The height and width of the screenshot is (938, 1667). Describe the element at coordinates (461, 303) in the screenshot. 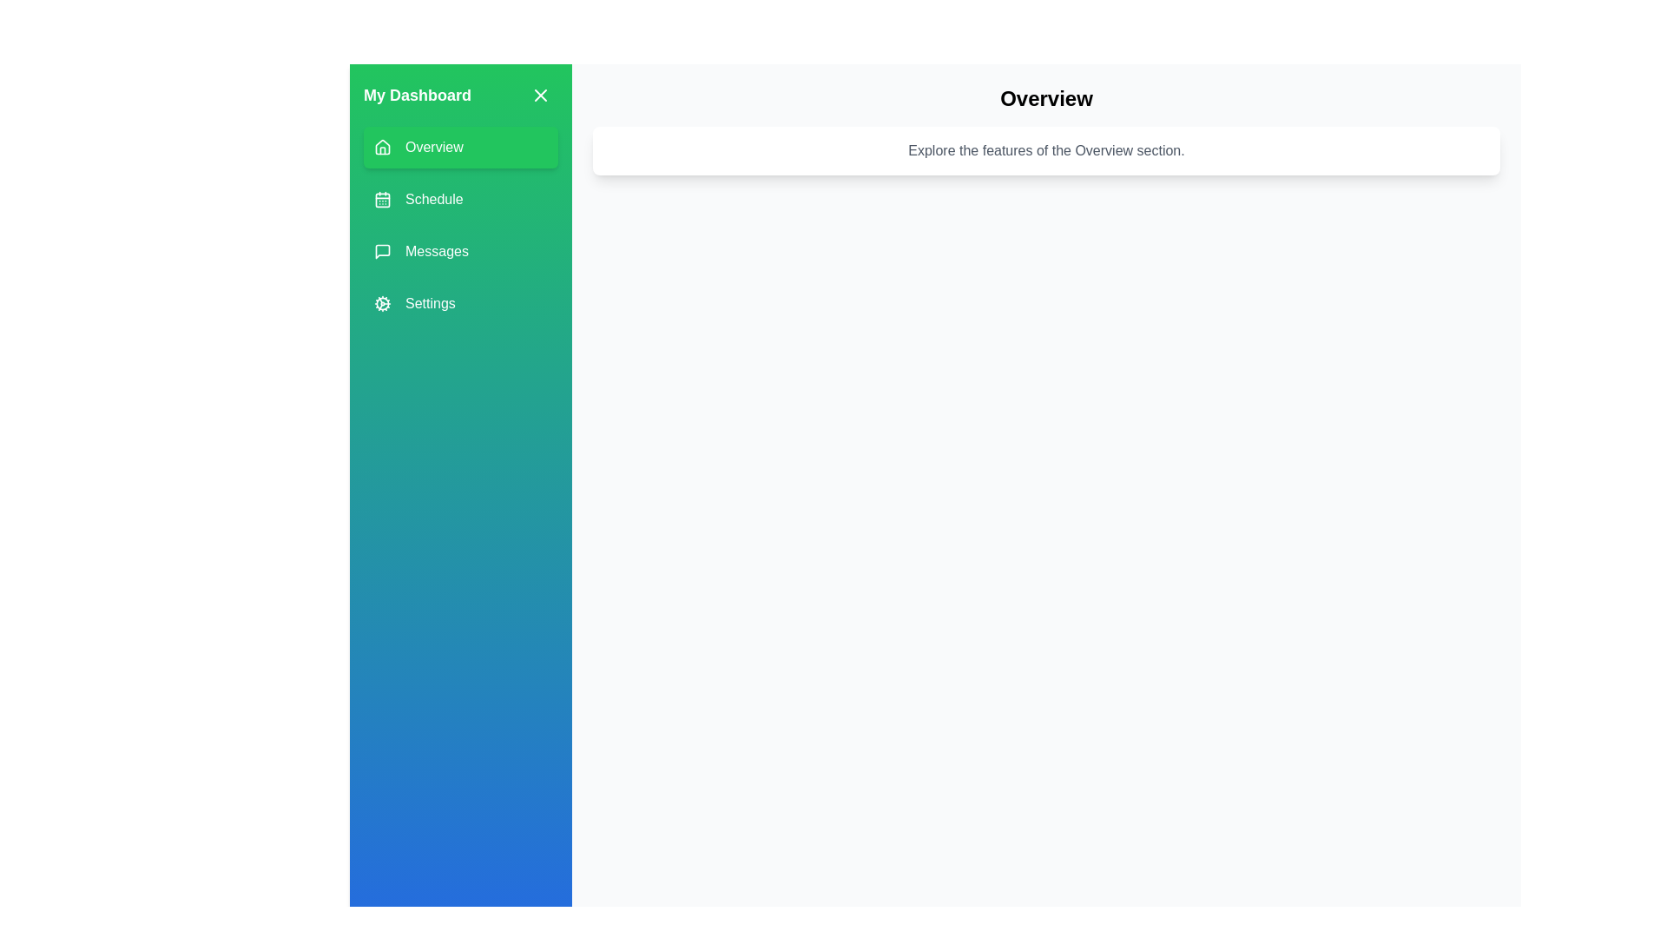

I see `the menu item labeled Settings to change the active section` at that location.